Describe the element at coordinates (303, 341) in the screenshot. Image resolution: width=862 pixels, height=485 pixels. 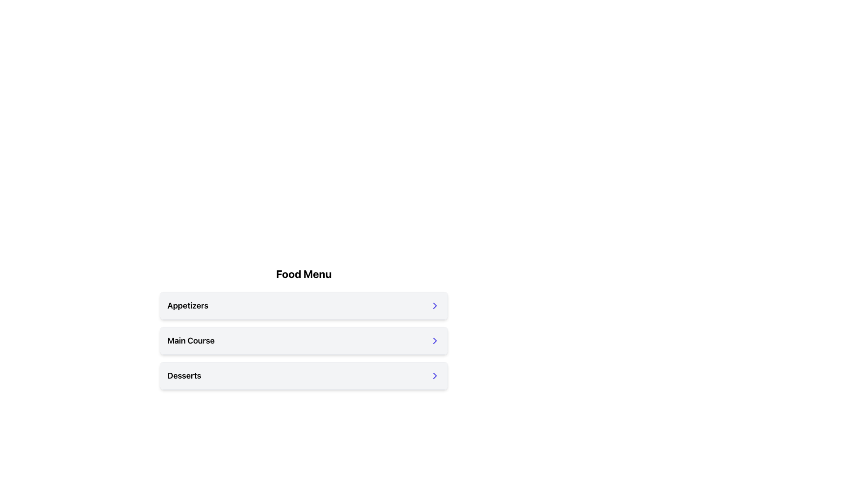
I see `the second menu item in the vertical list, which represents the 'Main Course' section` at that location.